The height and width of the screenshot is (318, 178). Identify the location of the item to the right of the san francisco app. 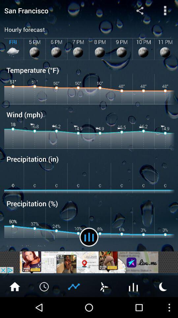
(139, 10).